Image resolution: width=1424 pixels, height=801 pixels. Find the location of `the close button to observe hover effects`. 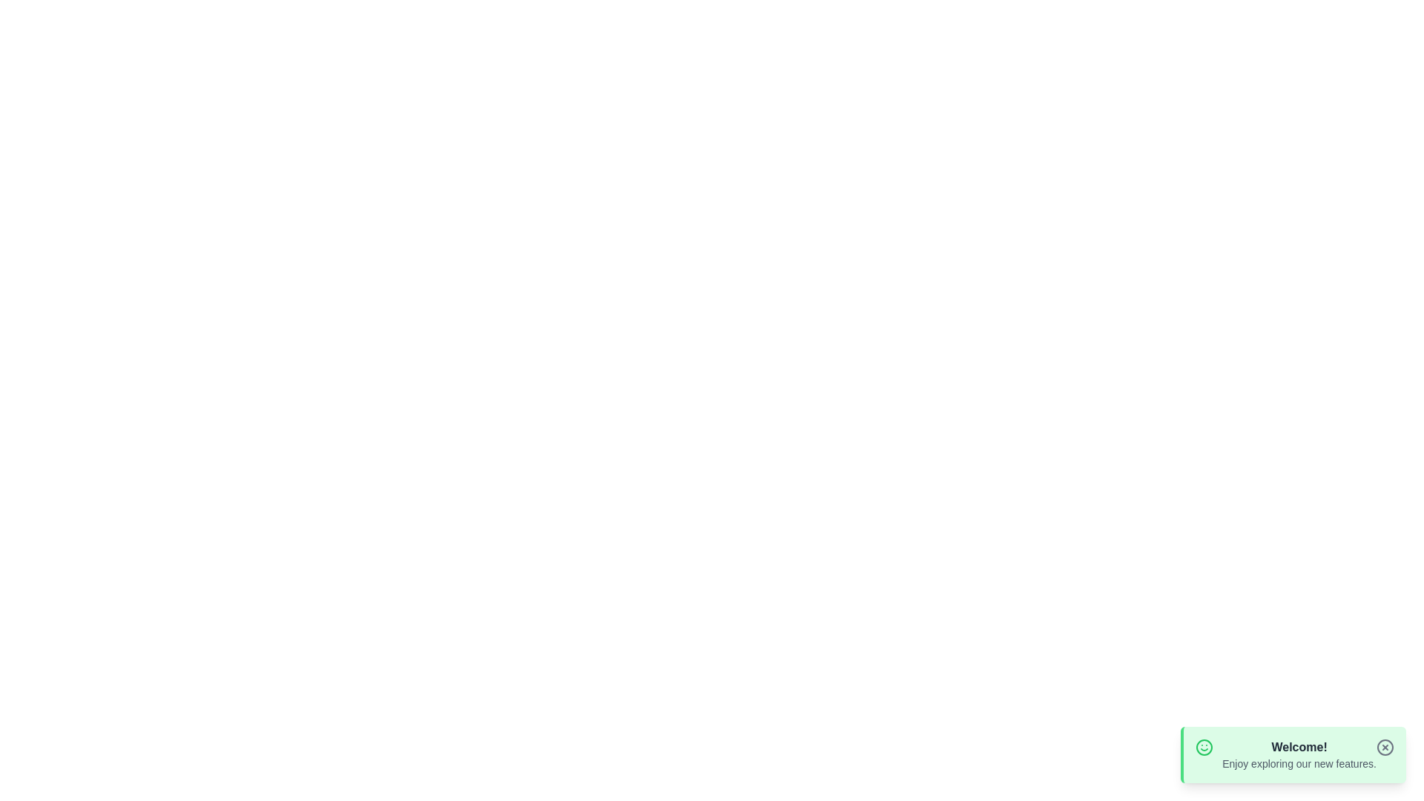

the close button to observe hover effects is located at coordinates (1384, 747).